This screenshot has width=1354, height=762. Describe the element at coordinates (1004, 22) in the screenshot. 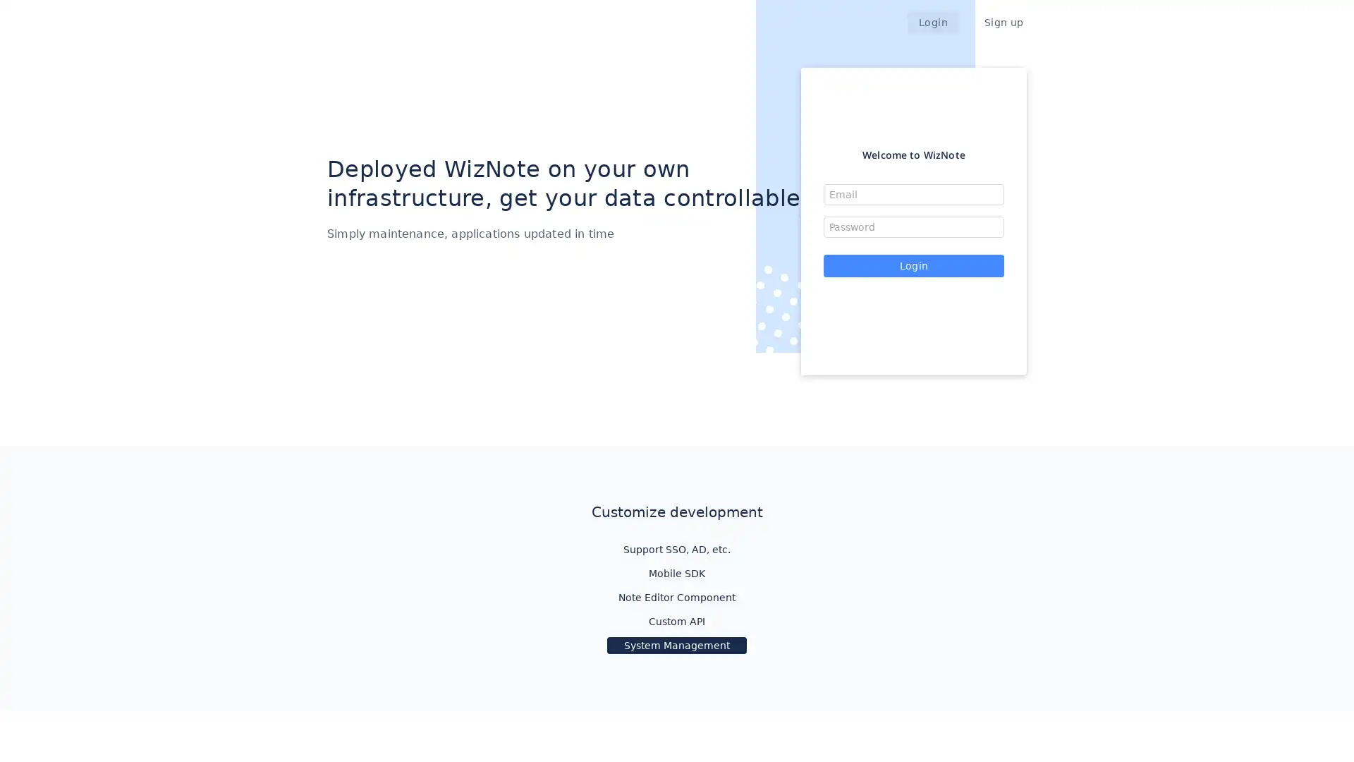

I see `Sign up` at that location.